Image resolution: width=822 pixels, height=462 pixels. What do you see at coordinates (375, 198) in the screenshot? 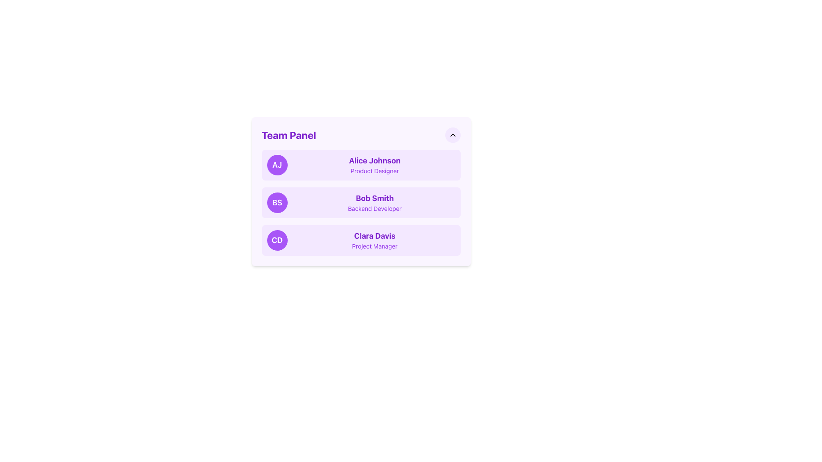
I see `the static text displaying the name 'Bob Smith', which is located in the middle panel between avatars and job titles in a vertical team list` at bounding box center [375, 198].